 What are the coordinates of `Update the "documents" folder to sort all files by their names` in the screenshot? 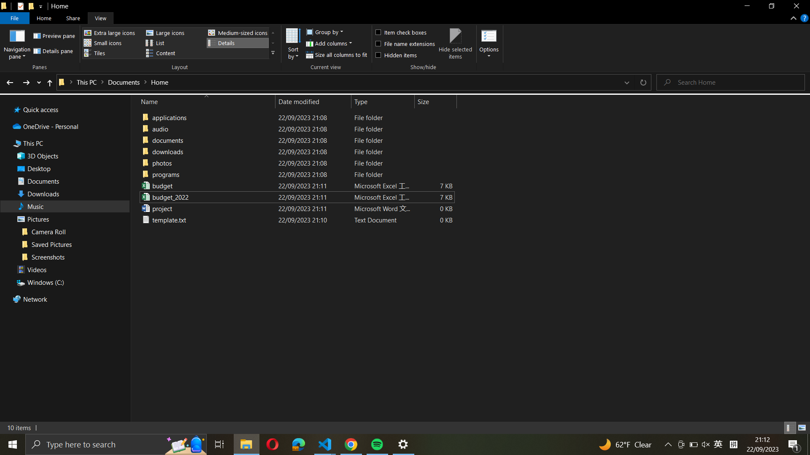 It's located at (295, 151).